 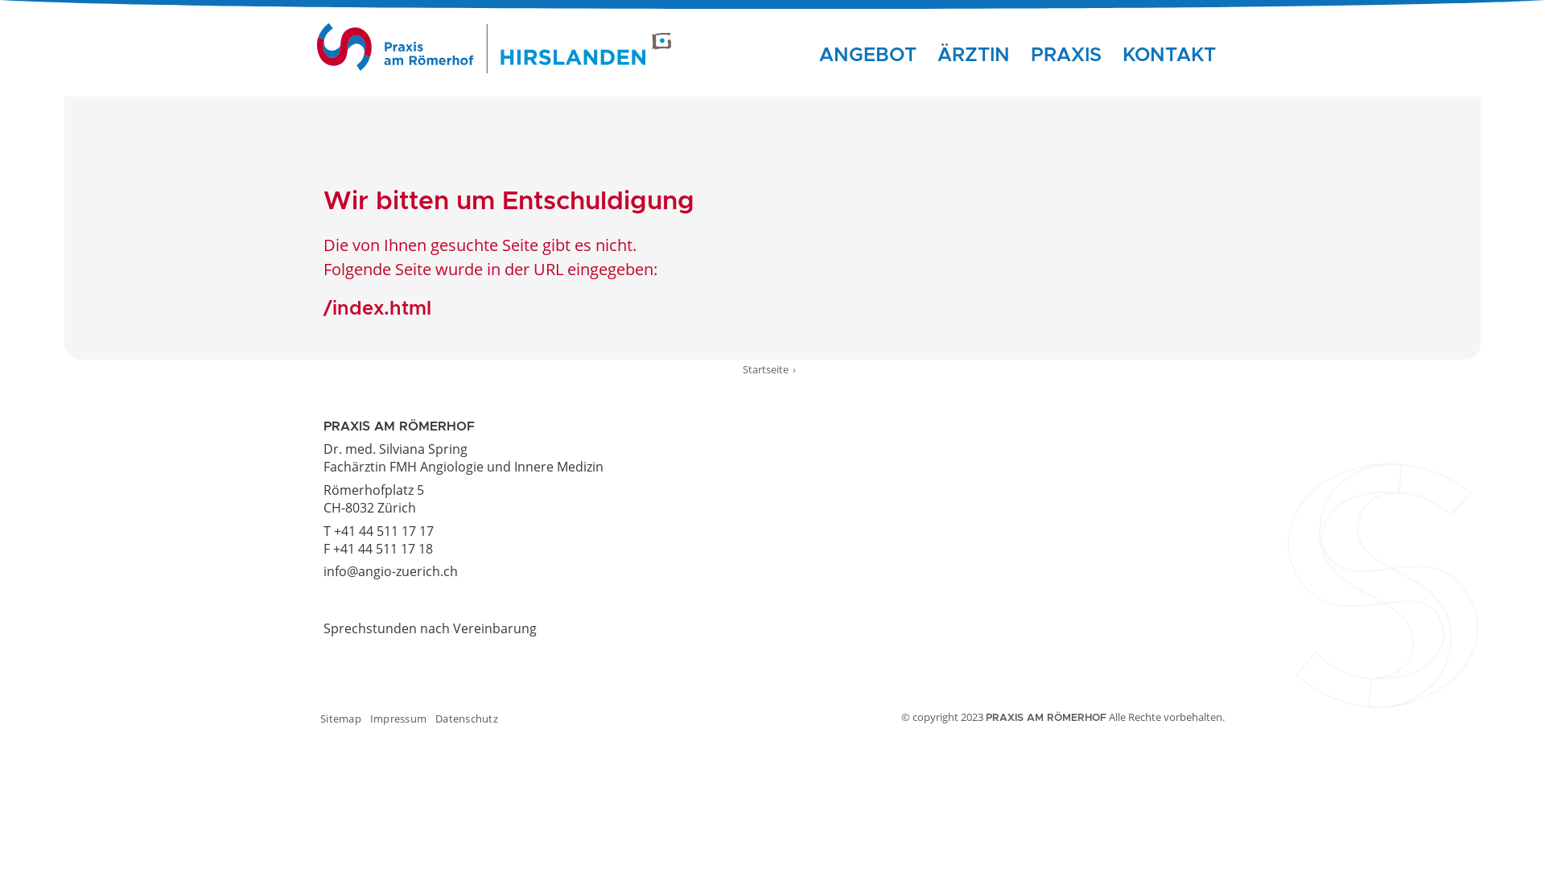 What do you see at coordinates (868, 55) in the screenshot?
I see `'ANGEBOT'` at bounding box center [868, 55].